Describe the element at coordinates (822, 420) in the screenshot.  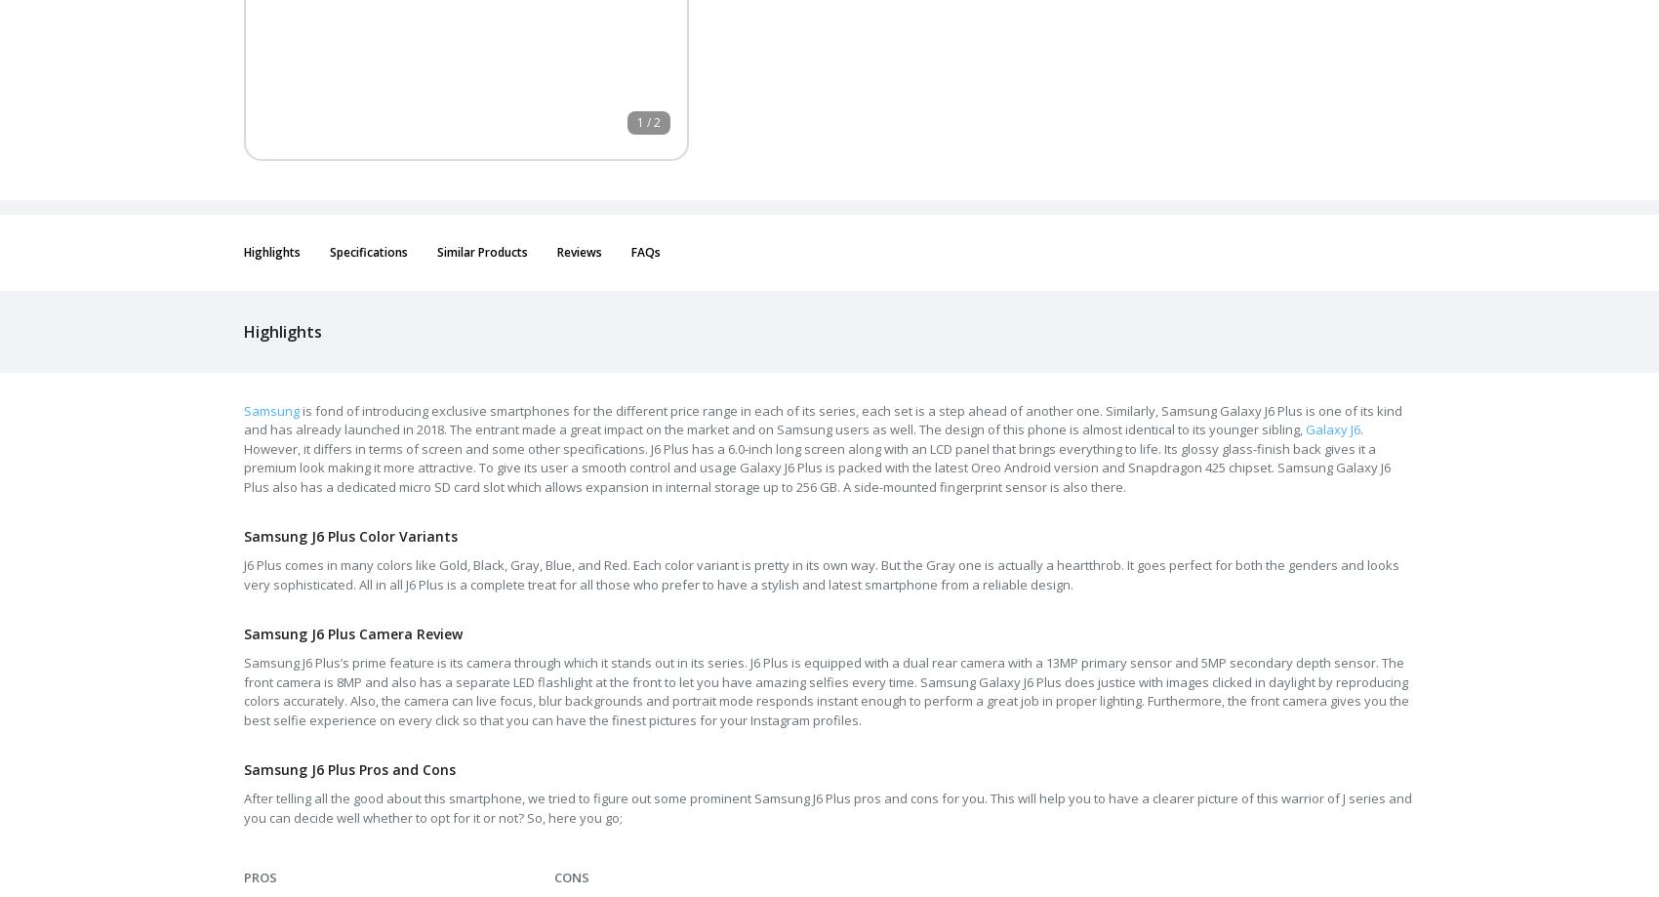
I see `'is fond of introducing exclusive smartphones for the different price range in each of its series, each set is a step ahead of another one. Similarly, Samsung Galaxy J6 Plus is one of its kind and has already launched in 2018. The entrant made a great impact on the market and on Samsung users as well. The design of this phone is almost identical to its younger sibling,'` at that location.